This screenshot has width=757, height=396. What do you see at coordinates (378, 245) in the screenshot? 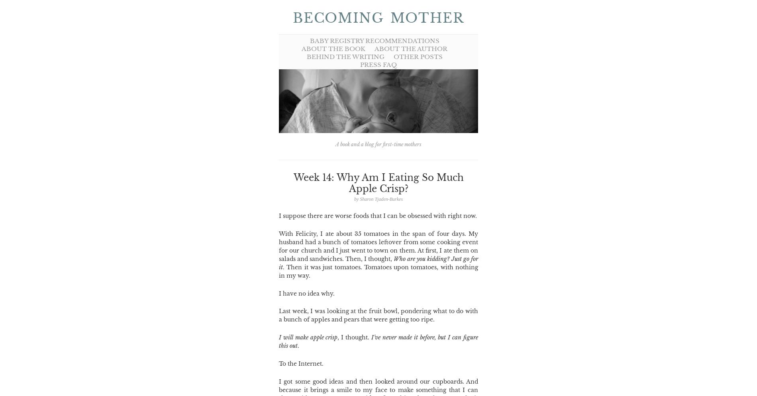
I see `'With Felicity, I ate about 35 tomatoes in the span of four days. My husband had a bunch of tomatoes leftover from some cooking event for our church and I just went to town on them. At first, I ate them on salads and sandwiches. Then, I thought,'` at bounding box center [378, 245].